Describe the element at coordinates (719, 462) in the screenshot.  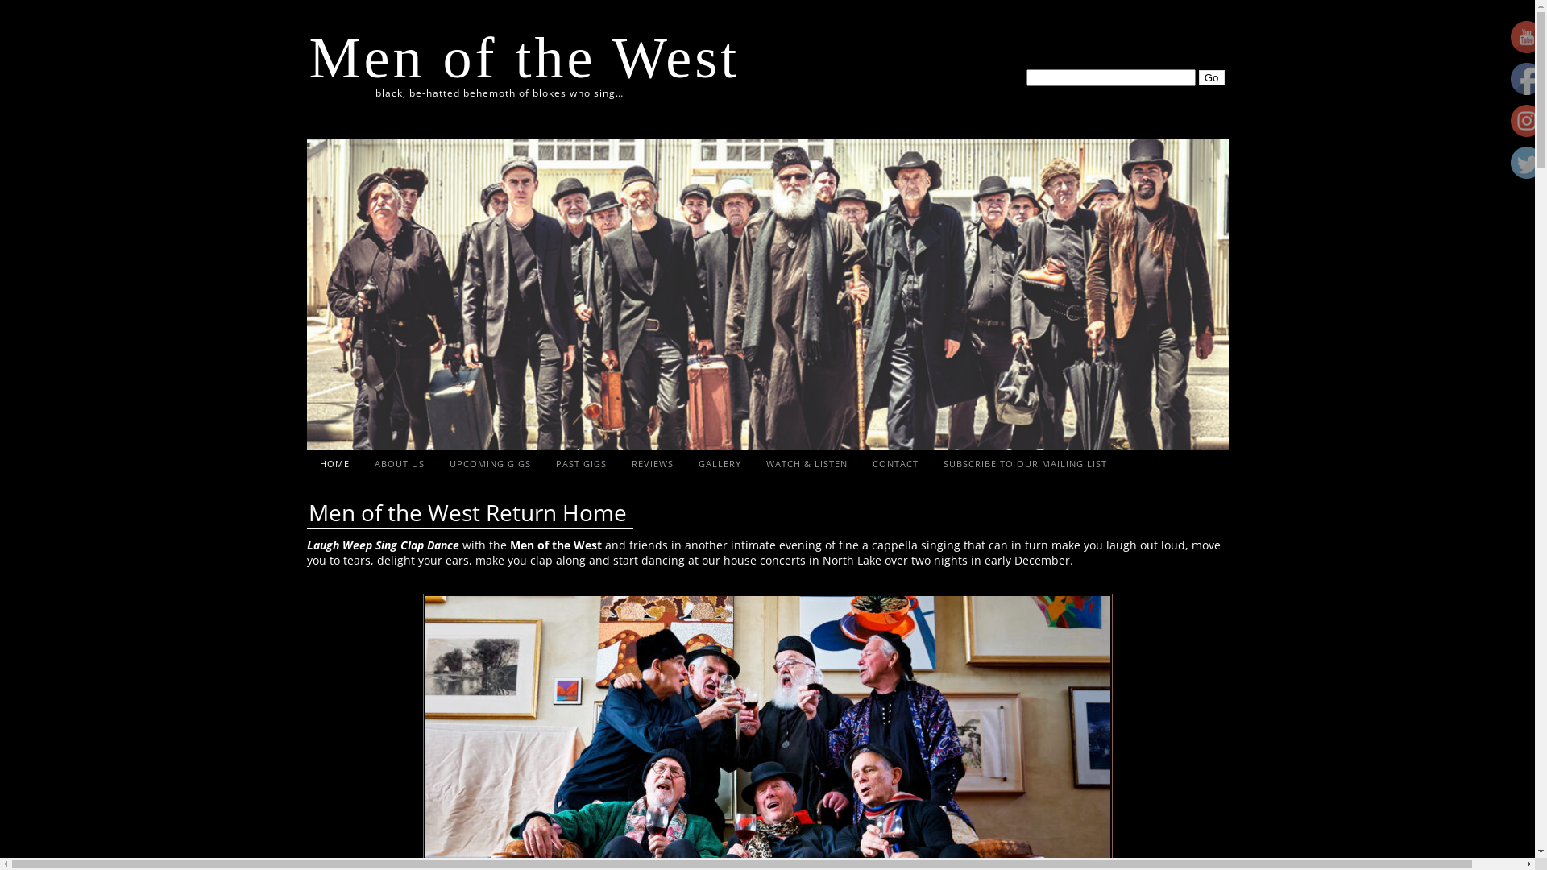
I see `'GALLERY'` at that location.